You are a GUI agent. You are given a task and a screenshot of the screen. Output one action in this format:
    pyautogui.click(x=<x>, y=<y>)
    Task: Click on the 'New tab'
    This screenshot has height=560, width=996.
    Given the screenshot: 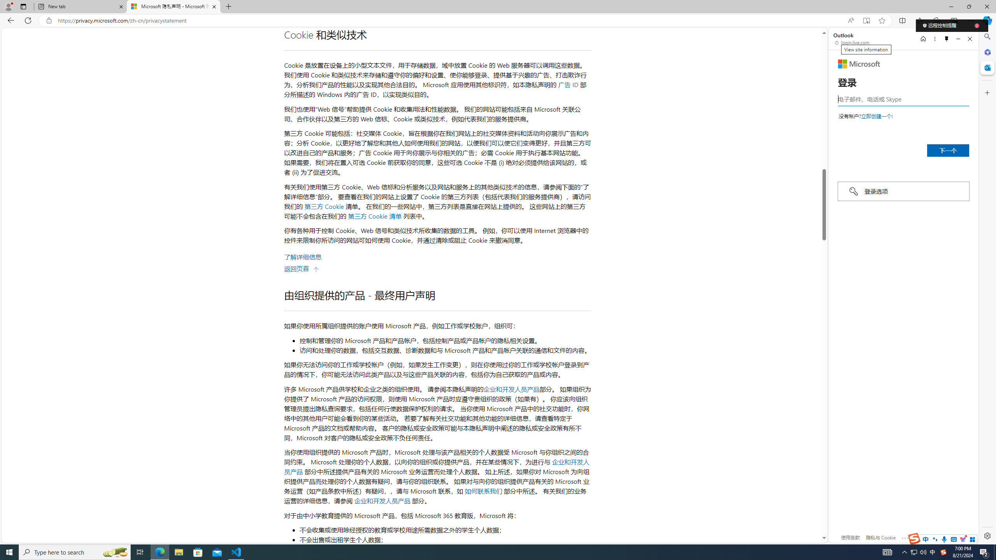 What is the action you would take?
    pyautogui.click(x=81, y=6)
    